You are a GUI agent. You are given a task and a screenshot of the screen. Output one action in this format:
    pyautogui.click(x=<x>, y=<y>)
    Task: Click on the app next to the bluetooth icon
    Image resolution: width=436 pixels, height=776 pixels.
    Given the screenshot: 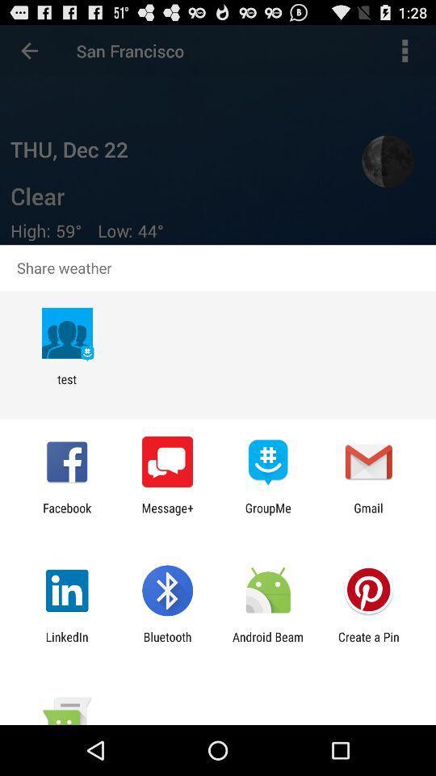 What is the action you would take?
    pyautogui.click(x=66, y=643)
    